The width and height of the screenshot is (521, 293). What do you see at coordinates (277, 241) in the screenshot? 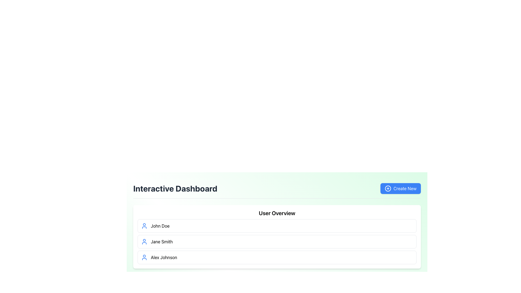
I see `user-specific information for the list item displaying 'Jane Smith', which is the second user entry in the list` at bounding box center [277, 241].